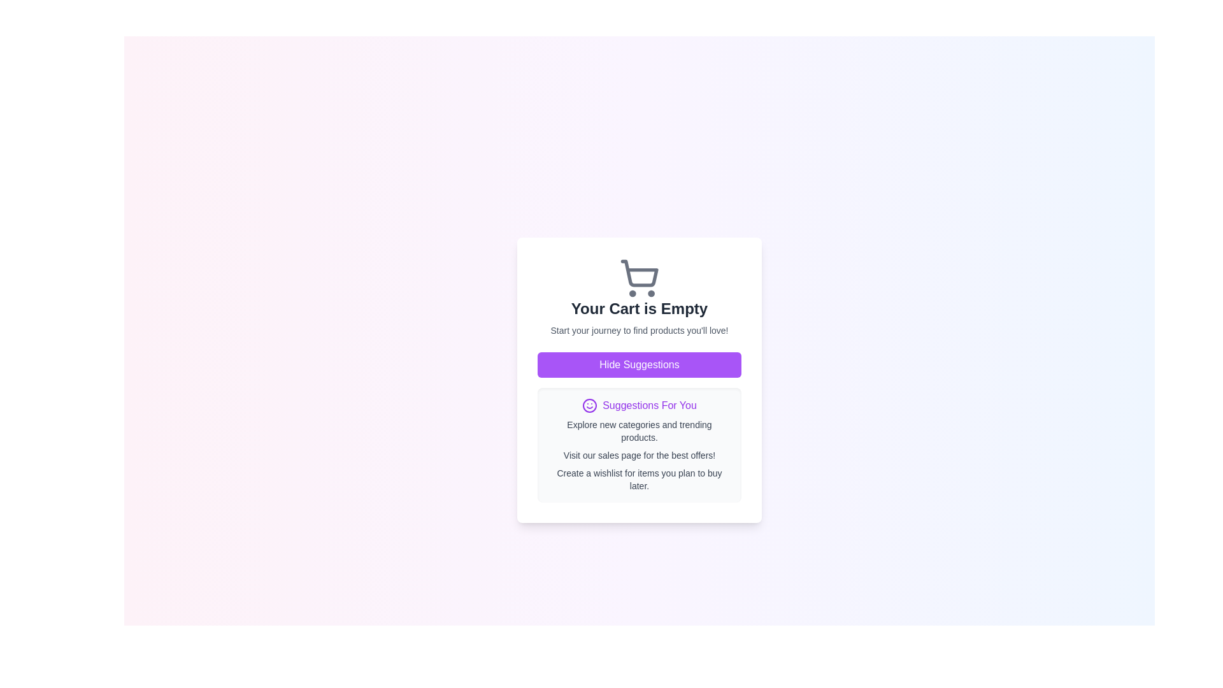 The image size is (1223, 688). Describe the element at coordinates (649, 405) in the screenshot. I see `text label indicating recommendations or personalized suggestions, which is positioned to the right of a smiley face icon in the center of a card-like UI box` at that location.